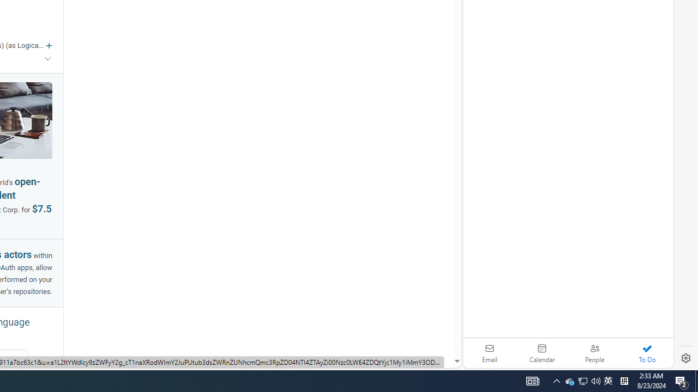  I want to click on 'To Do', so click(647, 353).